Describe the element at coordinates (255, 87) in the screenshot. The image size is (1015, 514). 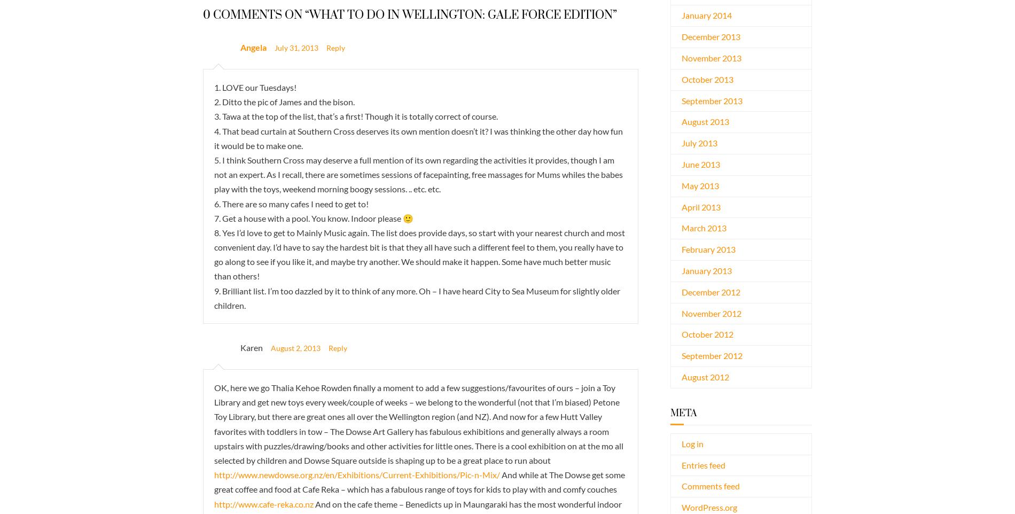
I see `'1. LOVE our Tuesdays!'` at that location.